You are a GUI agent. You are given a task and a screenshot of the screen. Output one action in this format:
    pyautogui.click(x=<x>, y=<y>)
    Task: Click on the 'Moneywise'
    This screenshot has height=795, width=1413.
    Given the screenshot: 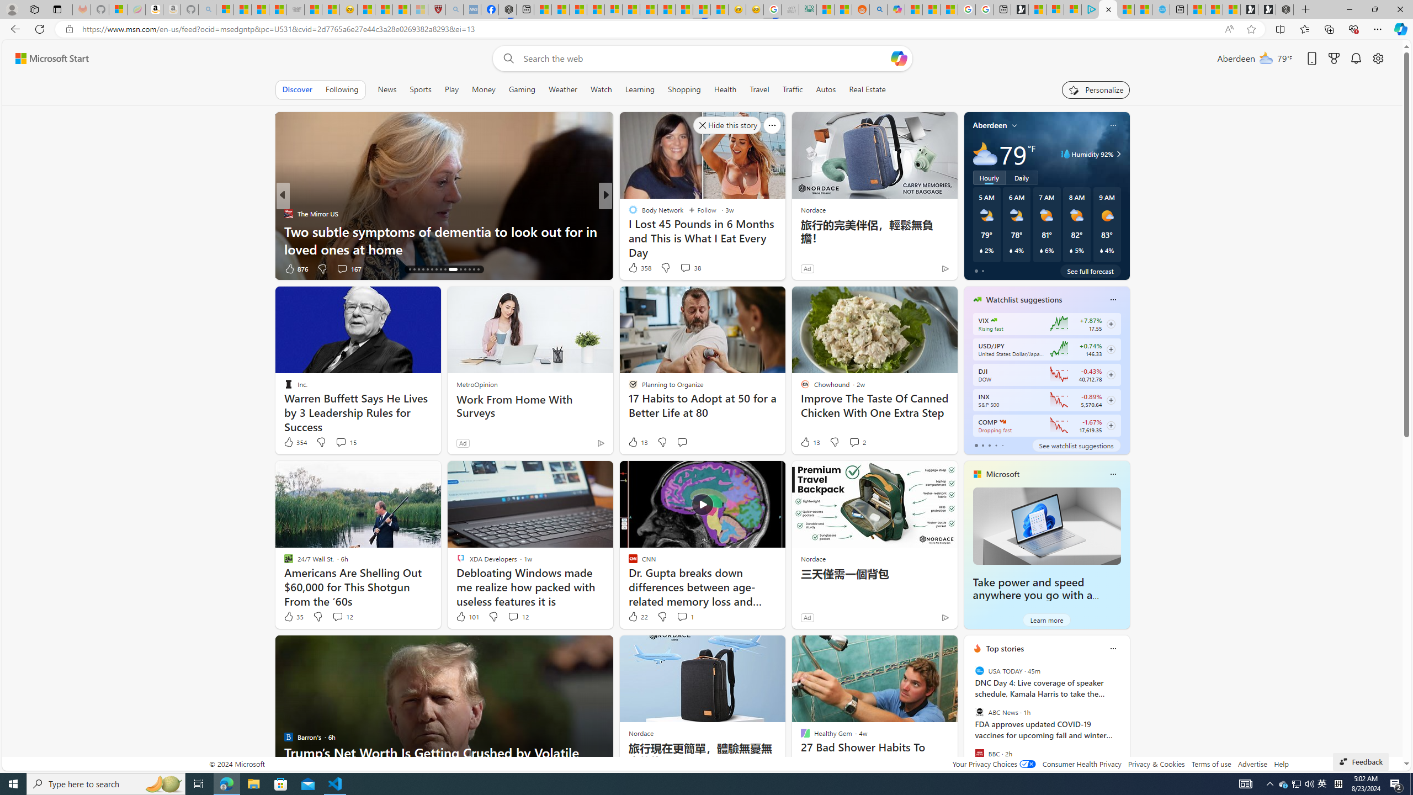 What is the action you would take?
    pyautogui.click(x=628, y=213)
    